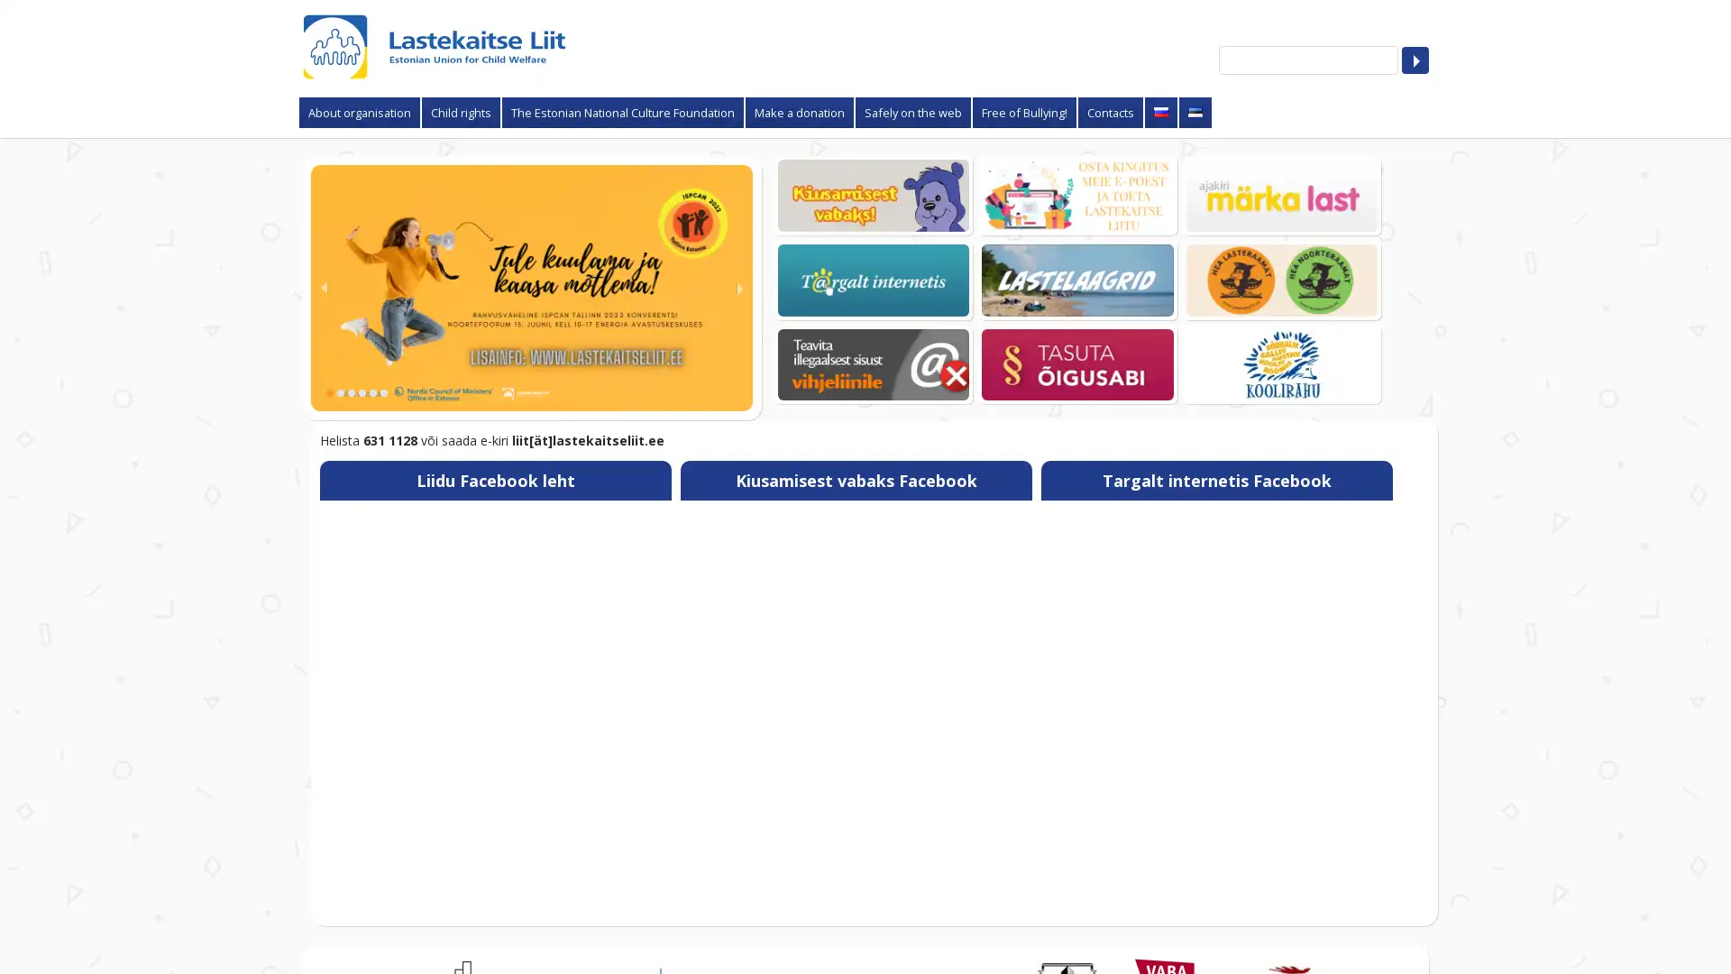  I want to click on Search, so click(1414, 59).